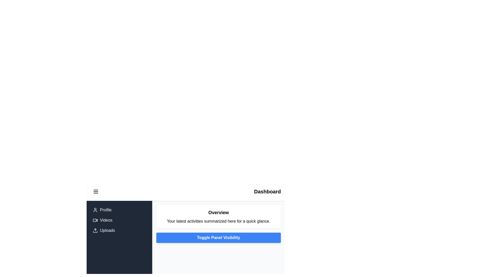 The image size is (492, 277). I want to click on the video camera icon located in the left-side vertical navigation panel, specifically the second item below the 'Profile' icon, which represents video functionality, so click(95, 220).